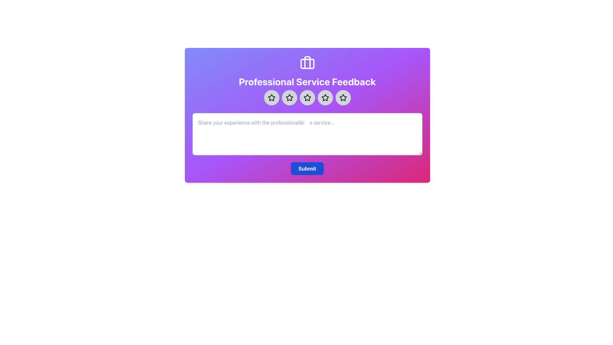  What do you see at coordinates (325, 97) in the screenshot?
I see `the fourth star icon in the rating system to record a rating point` at bounding box center [325, 97].